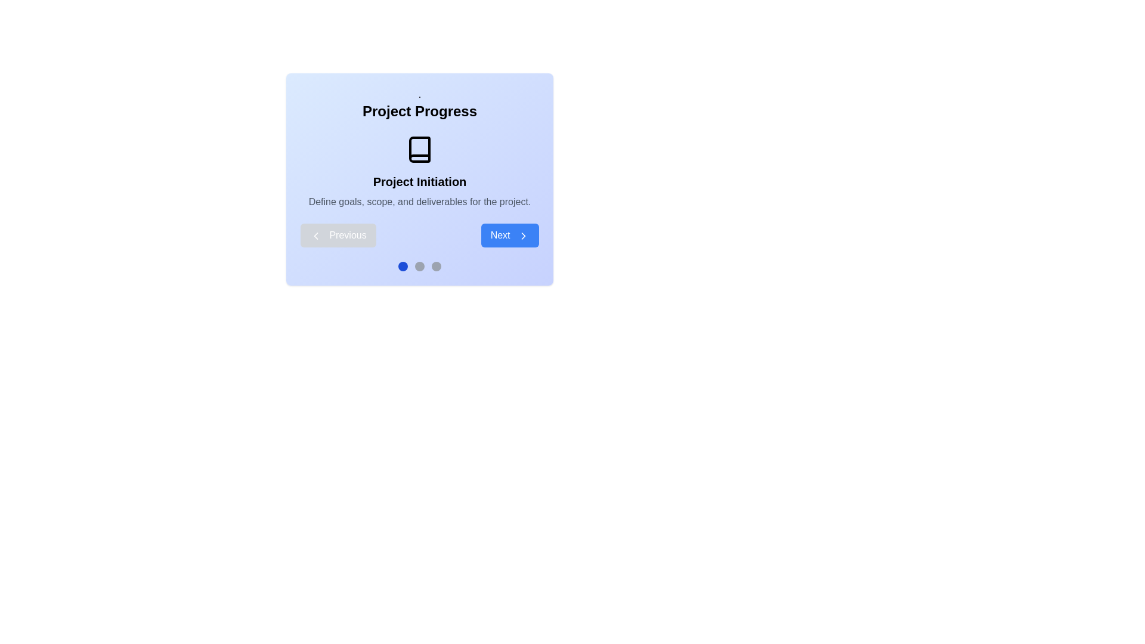 The width and height of the screenshot is (1145, 644). I want to click on the second circular progress indicator node in the stepper component, so click(420, 266).